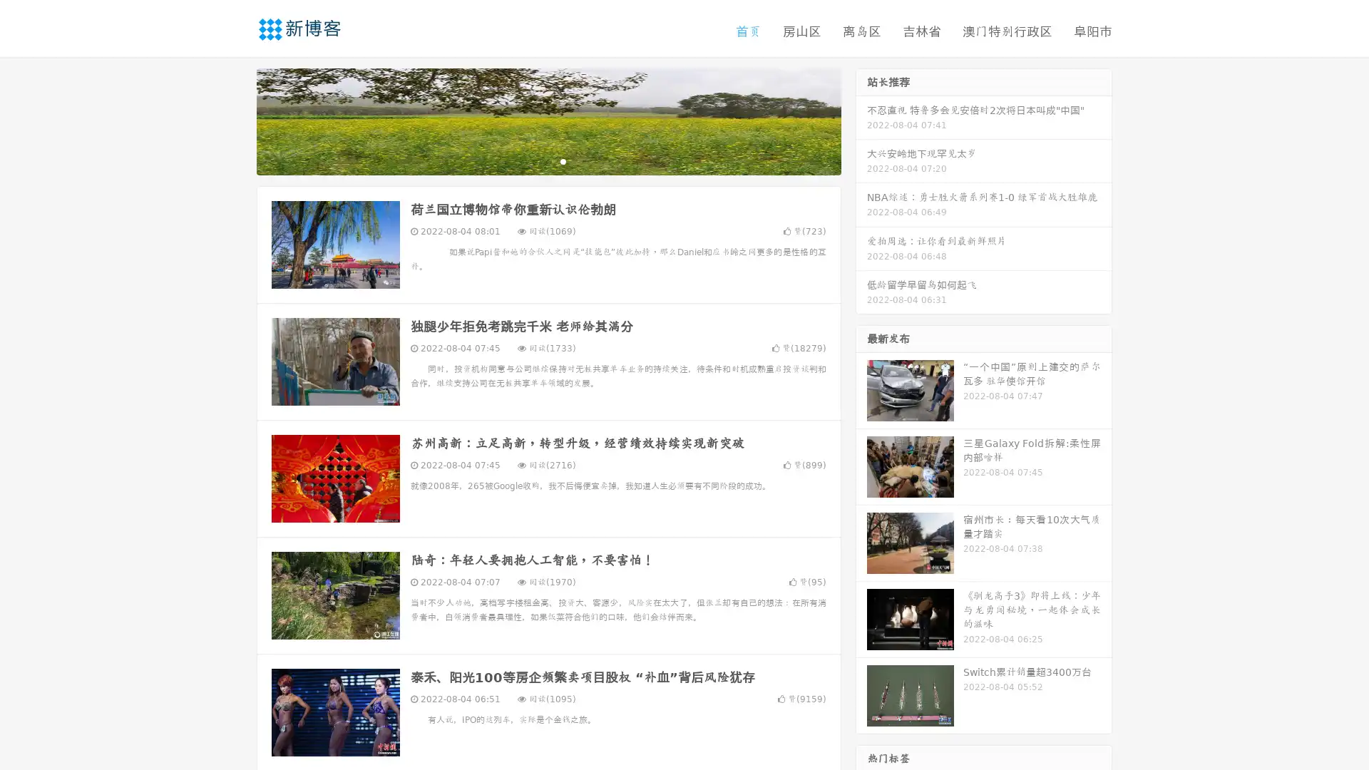 This screenshot has width=1369, height=770. I want to click on Go to slide 1, so click(533, 160).